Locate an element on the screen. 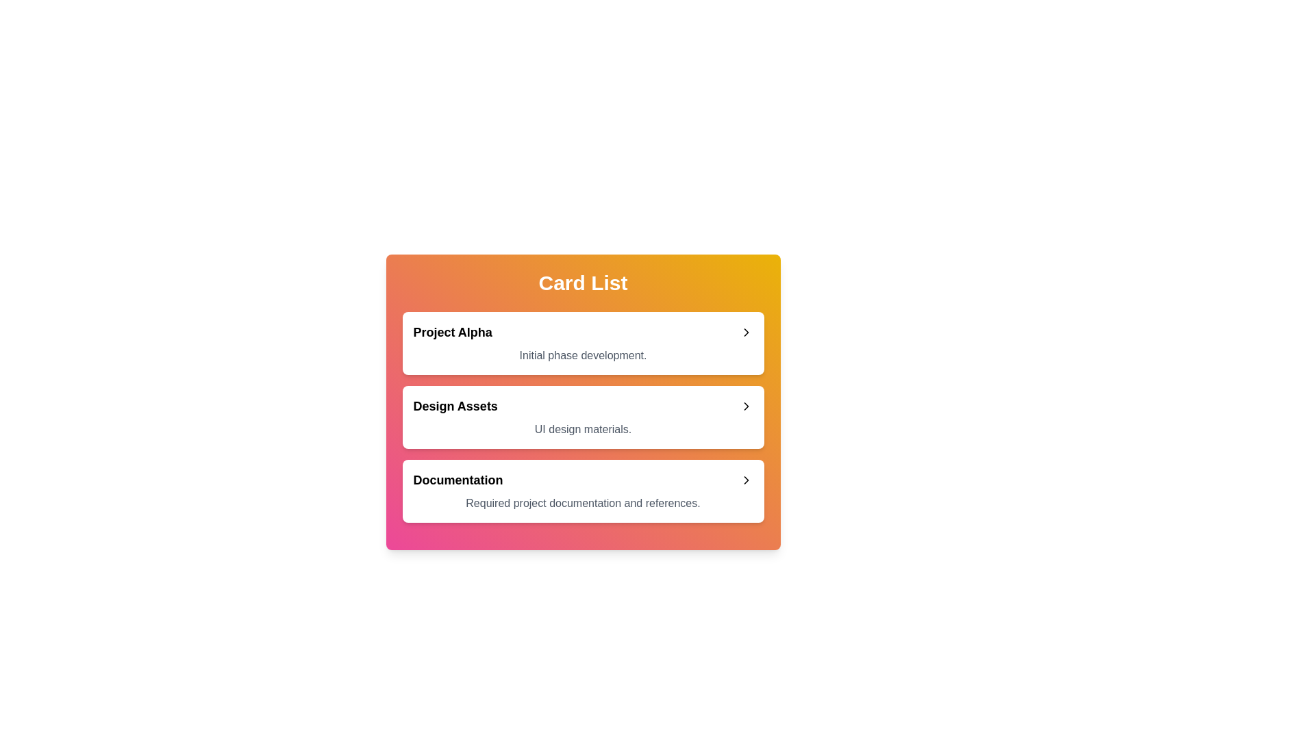  the title area of the card titled Project Alpha to expand or collapse it is located at coordinates (583, 333).